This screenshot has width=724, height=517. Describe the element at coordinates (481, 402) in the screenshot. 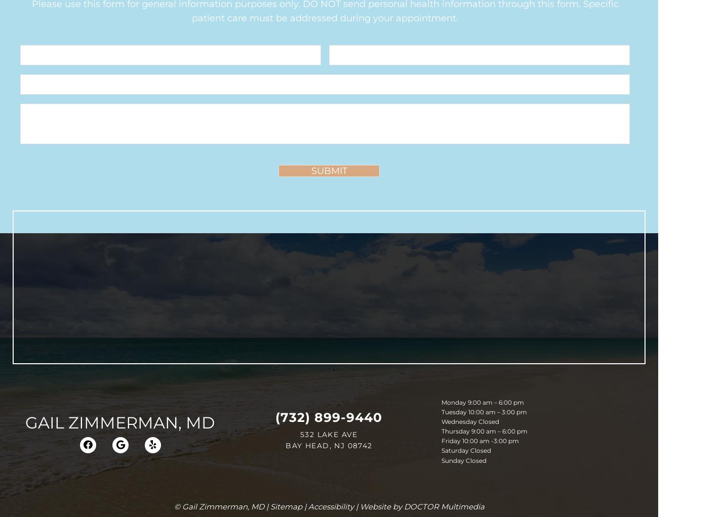

I see `'Monday 9:00 am – 6:00 pm'` at that location.